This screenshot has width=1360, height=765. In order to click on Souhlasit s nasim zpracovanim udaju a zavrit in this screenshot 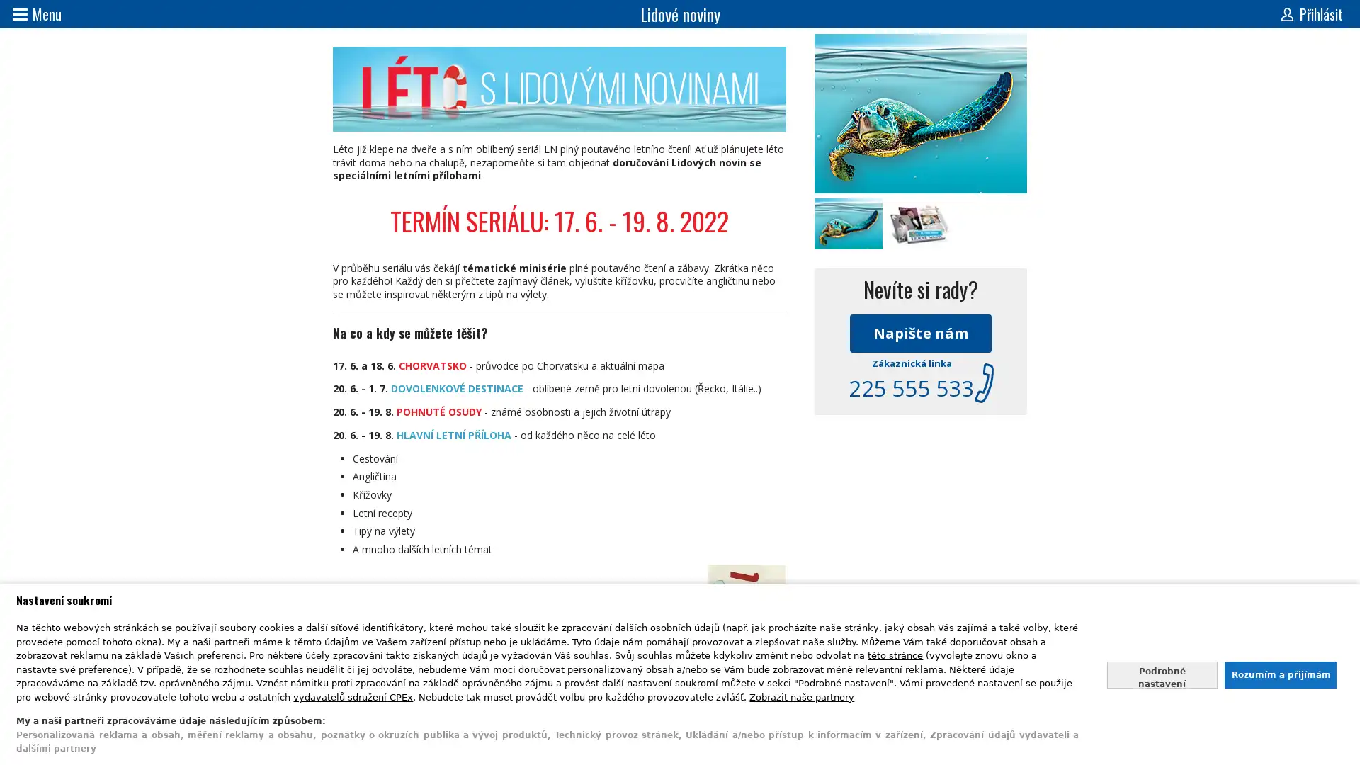, I will do `click(1279, 674)`.